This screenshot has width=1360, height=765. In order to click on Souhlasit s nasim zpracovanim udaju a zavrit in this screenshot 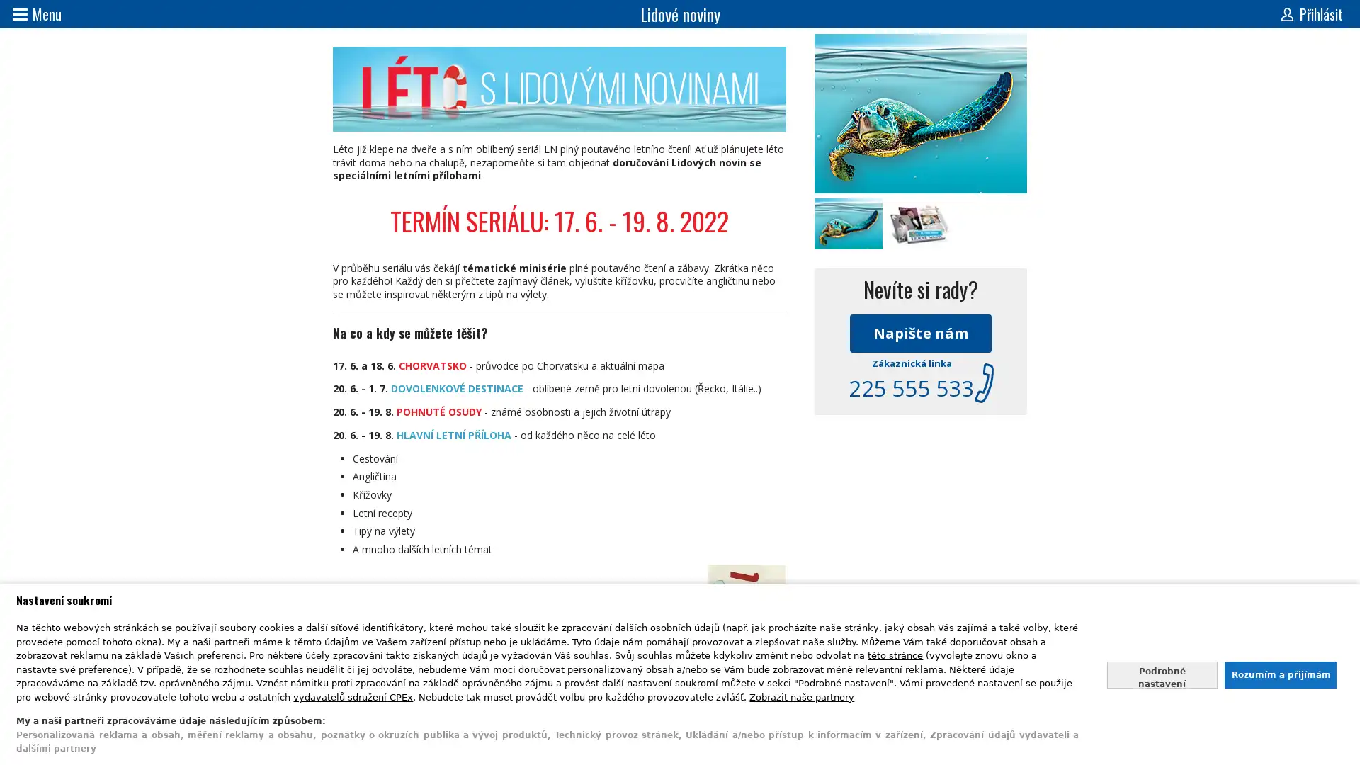, I will do `click(1279, 674)`.